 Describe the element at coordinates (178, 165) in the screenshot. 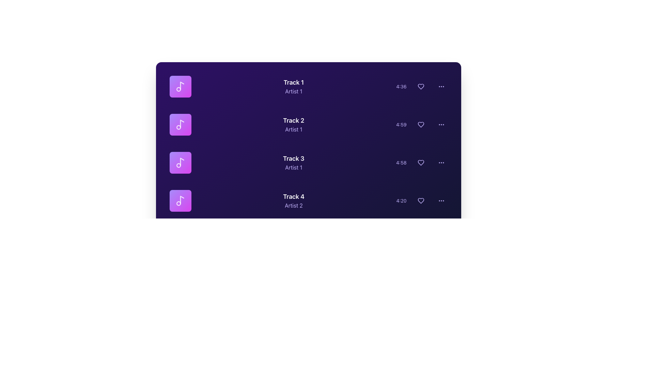

I see `the graphic circle element located at the bottom center of the interface, within the third row of music icons` at that location.